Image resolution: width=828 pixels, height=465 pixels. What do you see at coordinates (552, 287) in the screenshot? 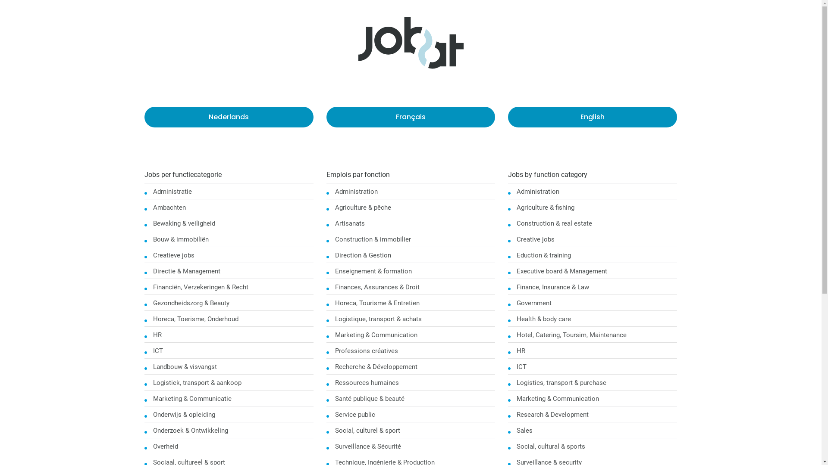
I see `'Finance, Insurance & Law'` at bounding box center [552, 287].